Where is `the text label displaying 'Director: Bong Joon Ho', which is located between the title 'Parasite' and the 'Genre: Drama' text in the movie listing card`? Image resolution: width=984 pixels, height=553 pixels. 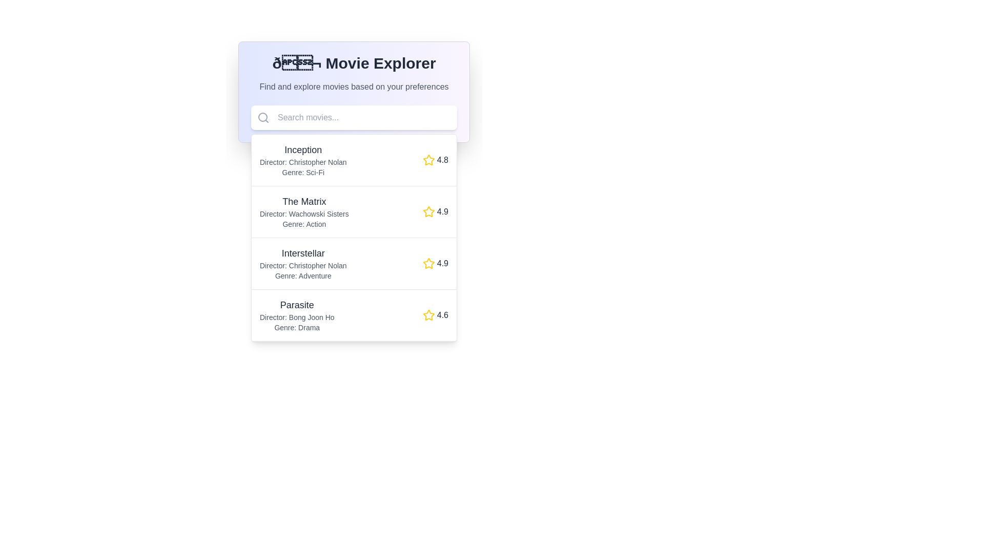
the text label displaying 'Director: Bong Joon Ho', which is located between the title 'Parasite' and the 'Genre: Drama' text in the movie listing card is located at coordinates (296, 317).